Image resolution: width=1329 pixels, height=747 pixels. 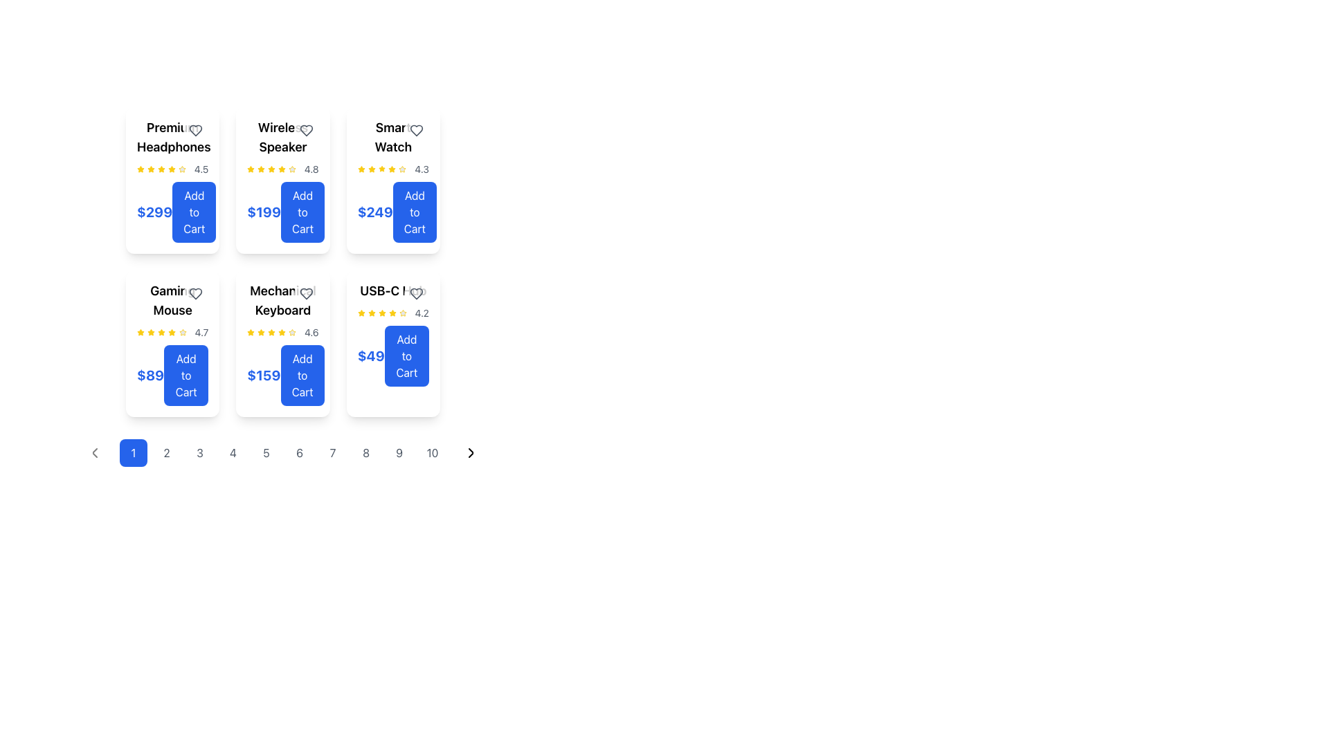 I want to click on the fourth star in the five-star rating system for the product 'Gaming Mouse' to rate it, so click(x=182, y=332).